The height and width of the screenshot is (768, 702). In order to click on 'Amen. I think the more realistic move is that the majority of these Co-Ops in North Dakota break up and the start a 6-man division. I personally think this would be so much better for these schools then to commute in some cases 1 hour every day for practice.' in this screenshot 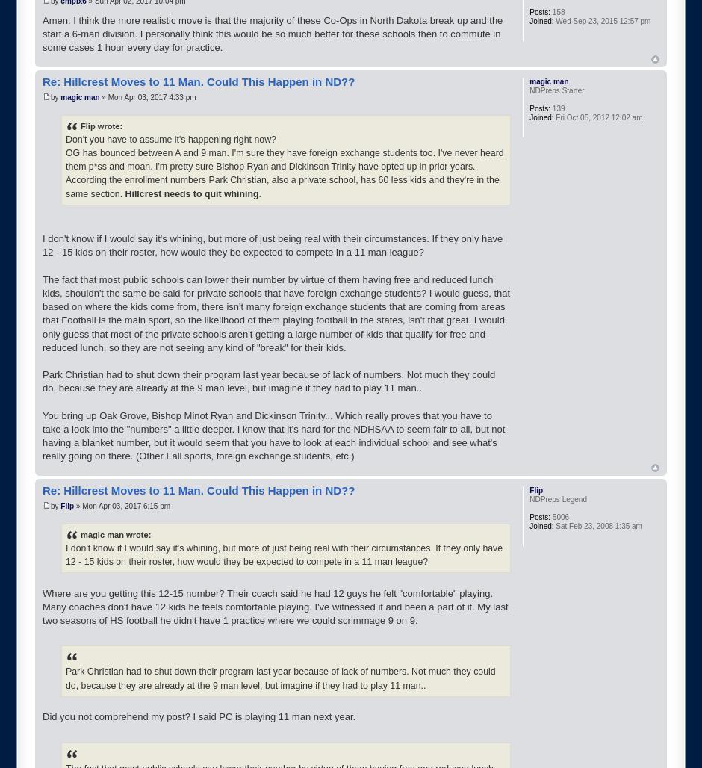, I will do `click(272, 34)`.